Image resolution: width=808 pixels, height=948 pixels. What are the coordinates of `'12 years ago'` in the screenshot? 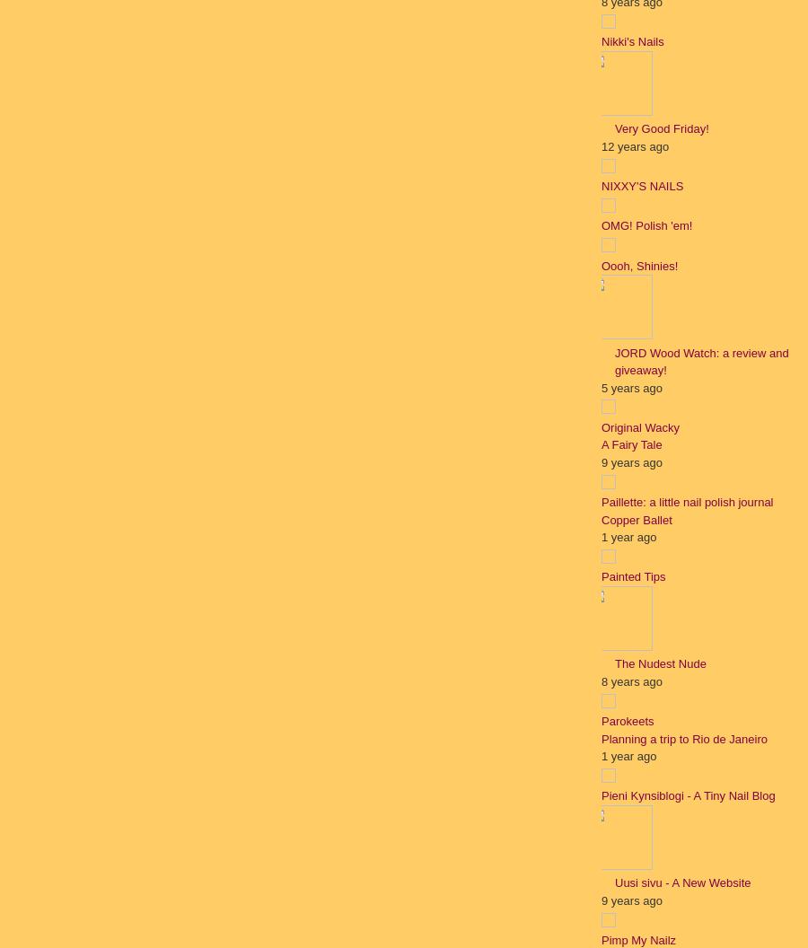 It's located at (634, 145).